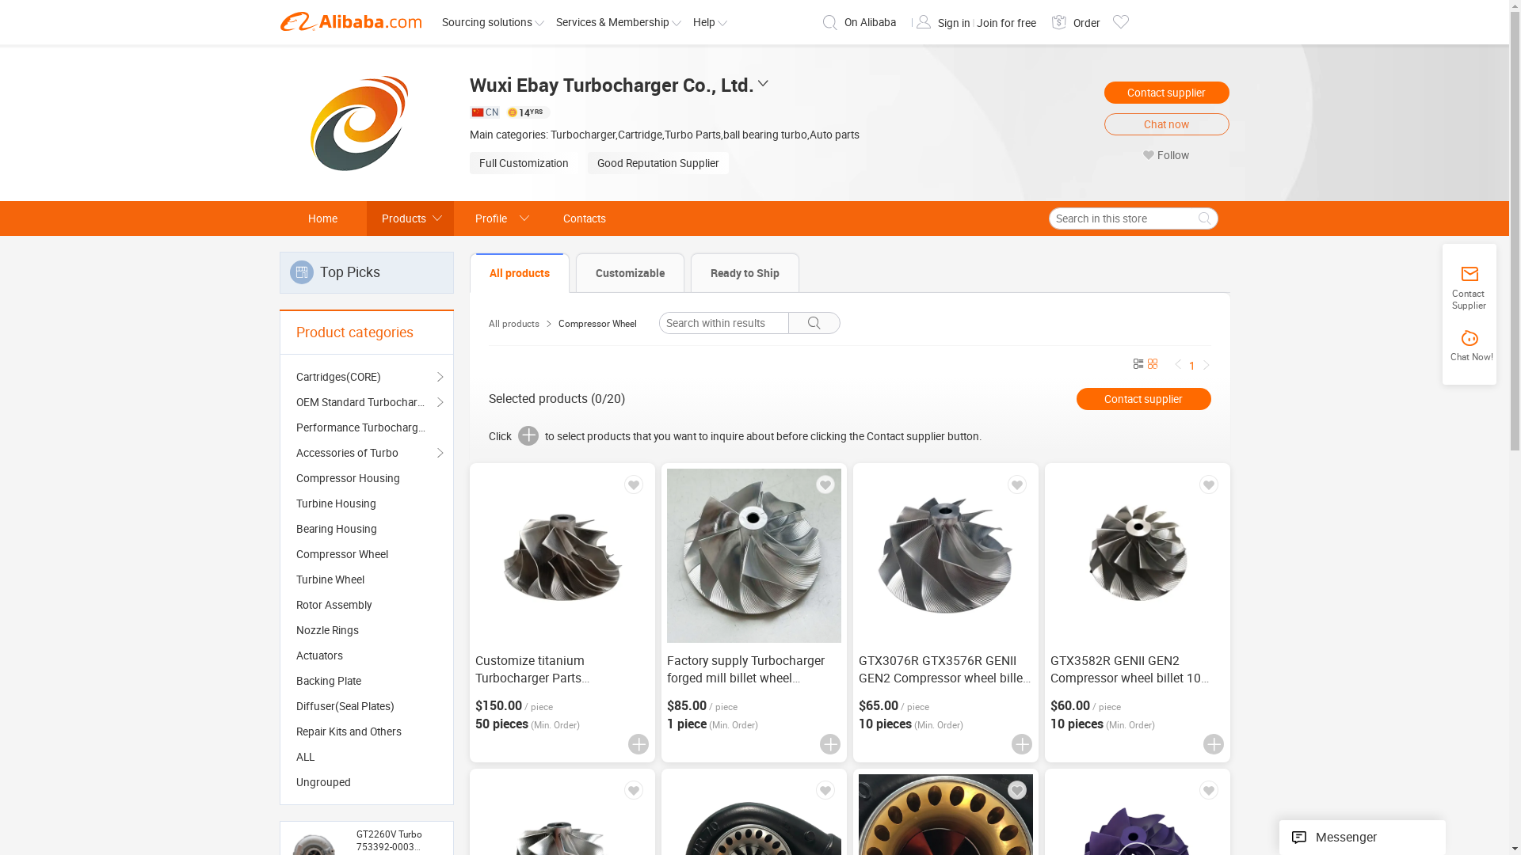  What do you see at coordinates (1085, 23) in the screenshot?
I see `'Order'` at bounding box center [1085, 23].